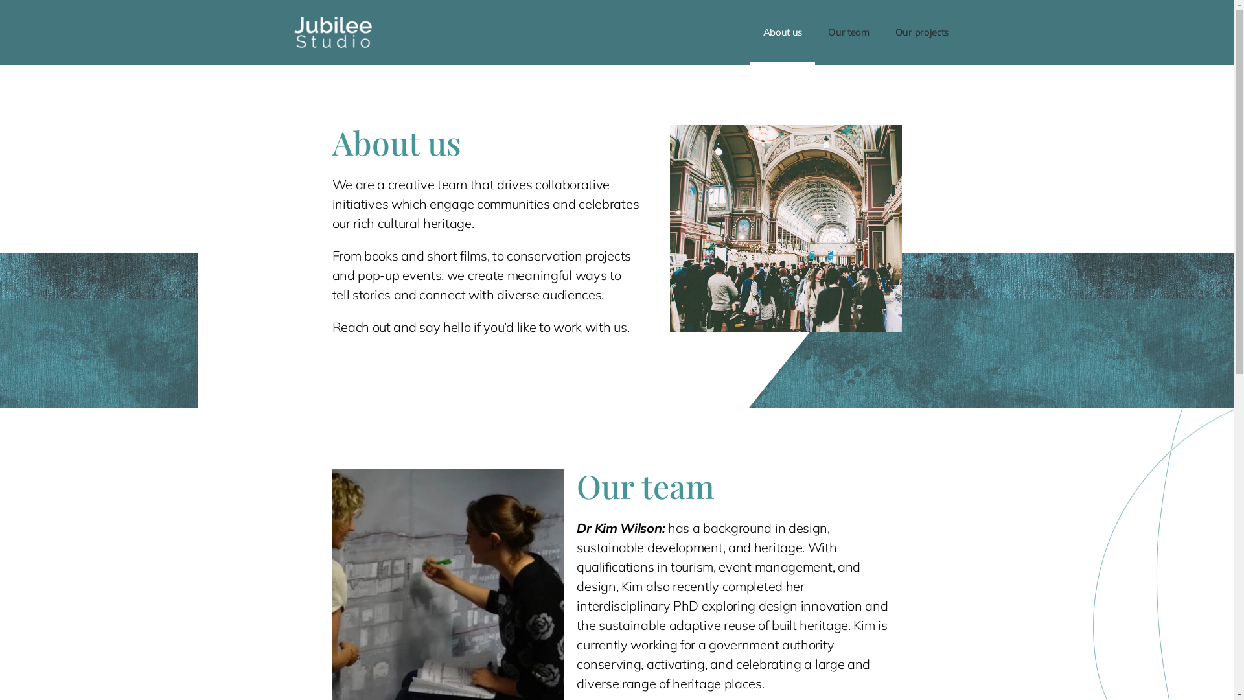 This screenshot has height=700, width=1244. Describe the element at coordinates (849, 32) in the screenshot. I see `'Our team'` at that location.